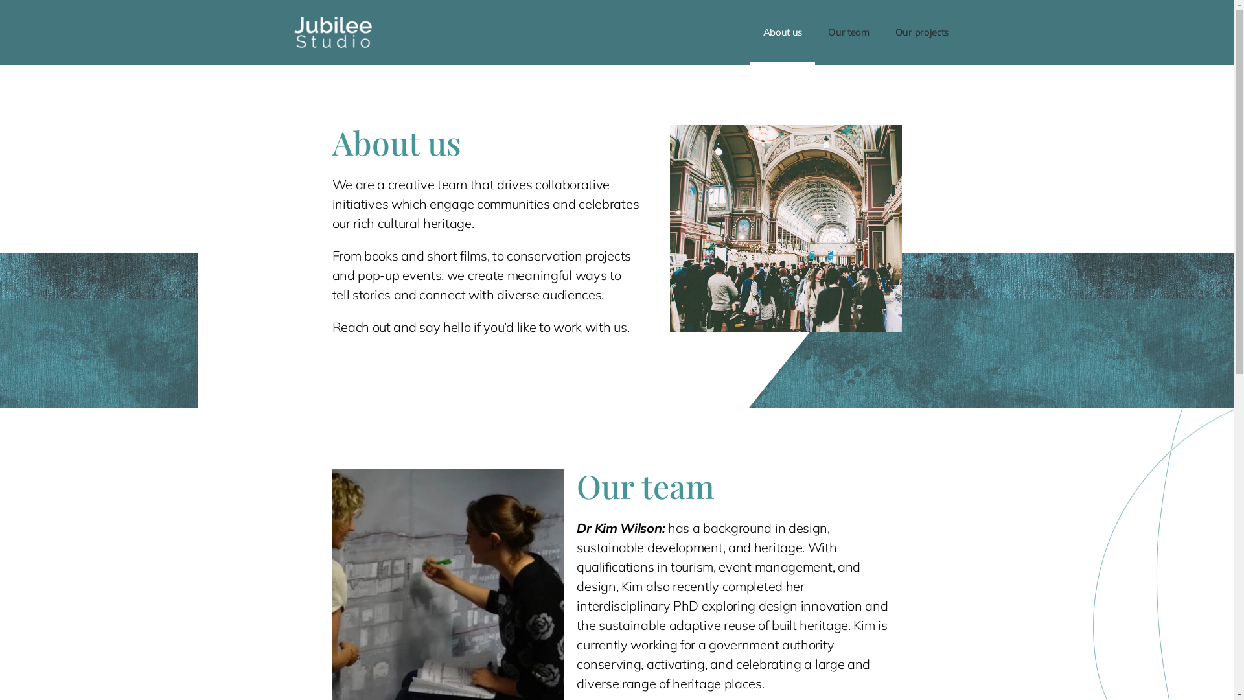 This screenshot has height=700, width=1244. Describe the element at coordinates (849, 32) in the screenshot. I see `'Our team'` at that location.